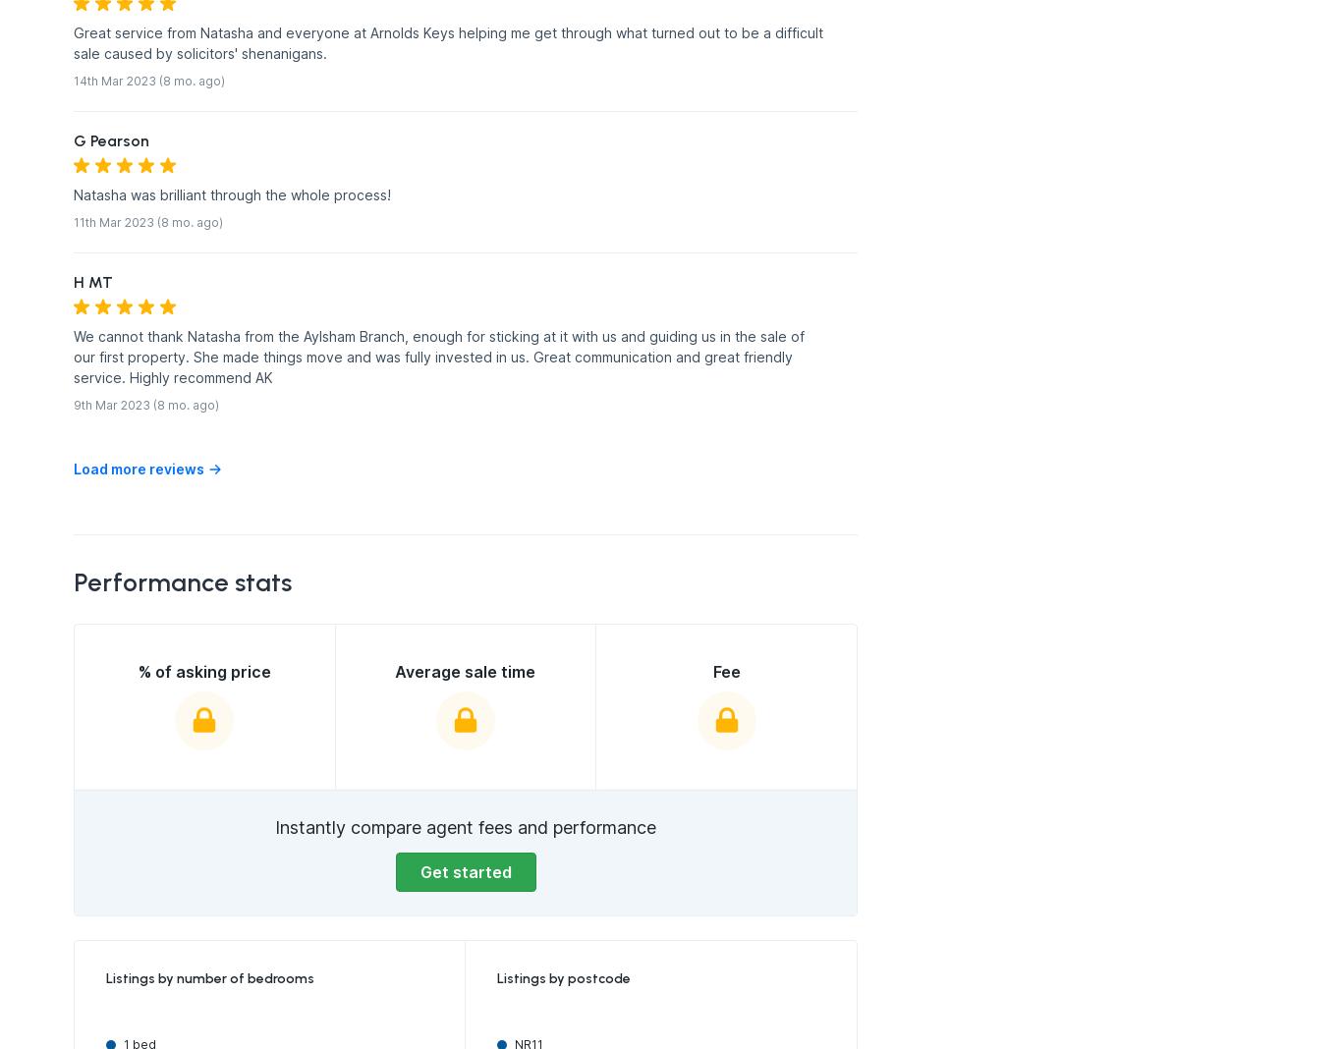  I want to click on 'Average sale time', so click(465, 670).